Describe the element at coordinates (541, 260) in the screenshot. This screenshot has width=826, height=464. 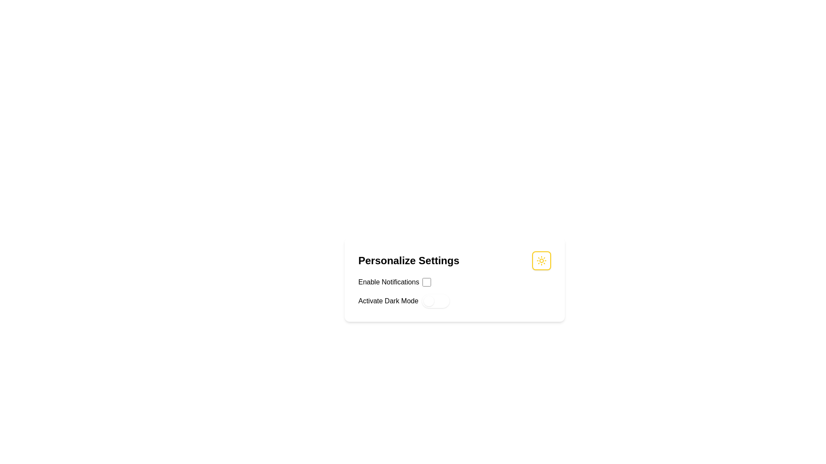
I see `the interactive sun icon button located in the top-right corner of the 'Personalize Settings' section` at that location.